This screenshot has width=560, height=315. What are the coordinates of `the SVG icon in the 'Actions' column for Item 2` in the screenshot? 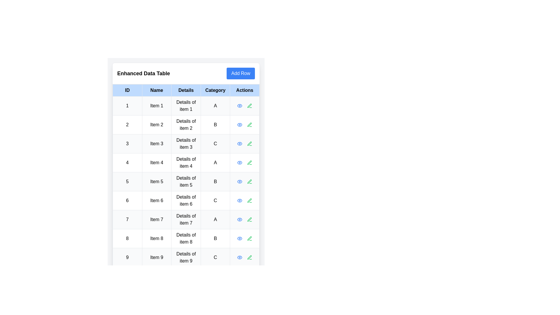 It's located at (249, 124).